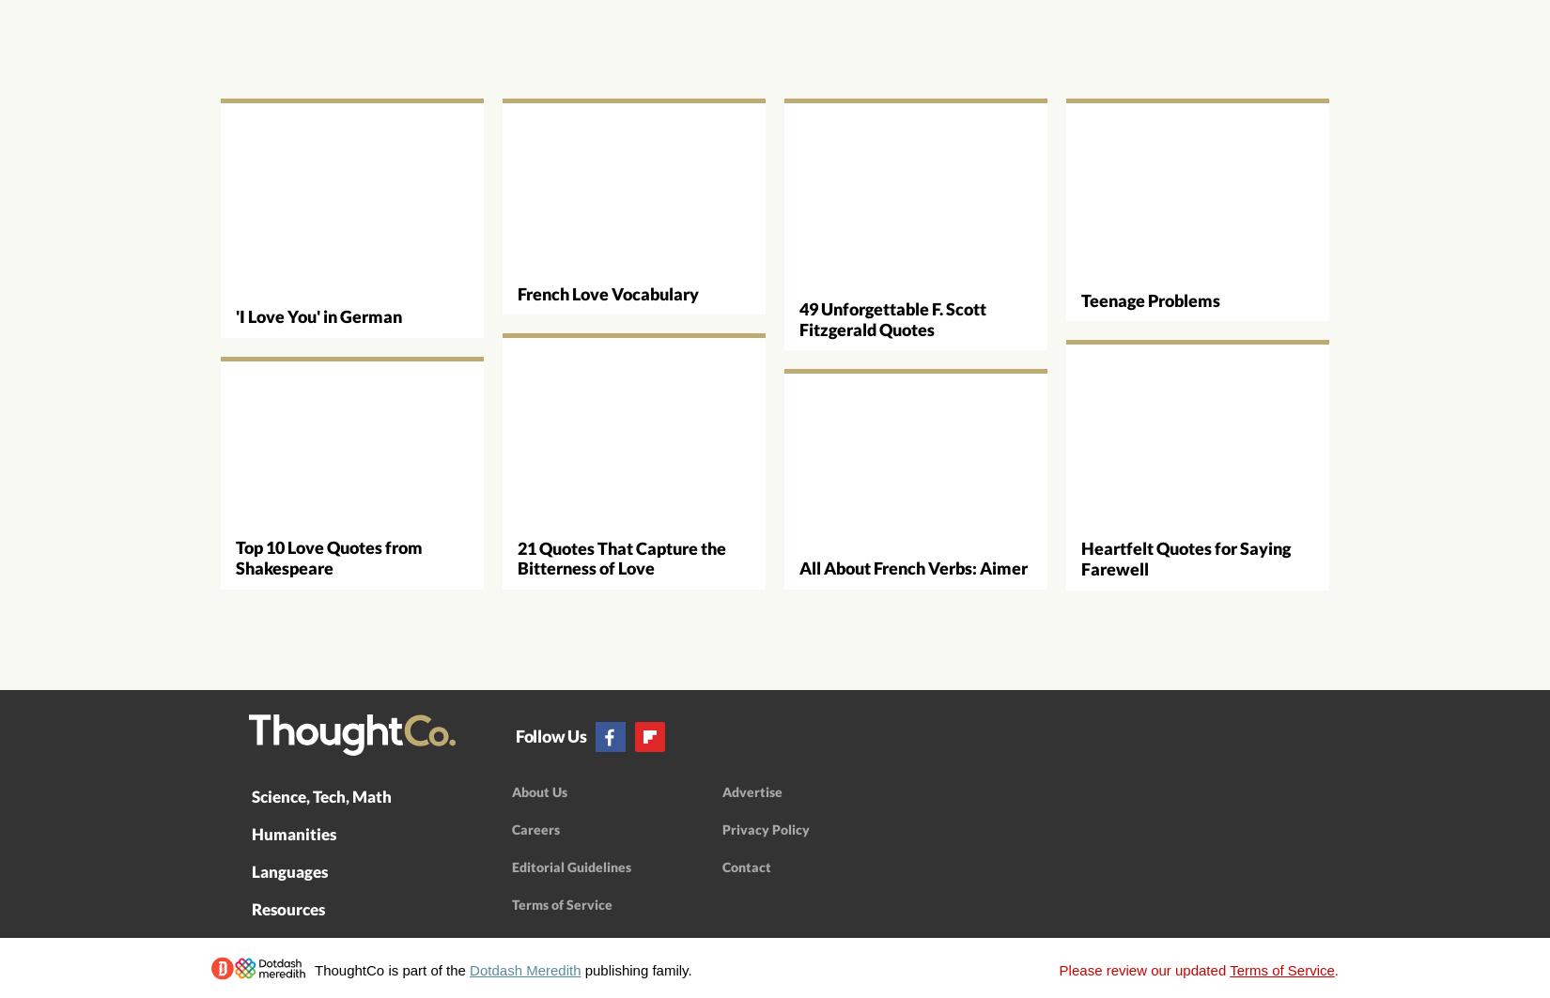 The height and width of the screenshot is (998, 1550). Describe the element at coordinates (892, 318) in the screenshot. I see `'49 Unforgettable F. Scott Fitzgerald Quotes'` at that location.